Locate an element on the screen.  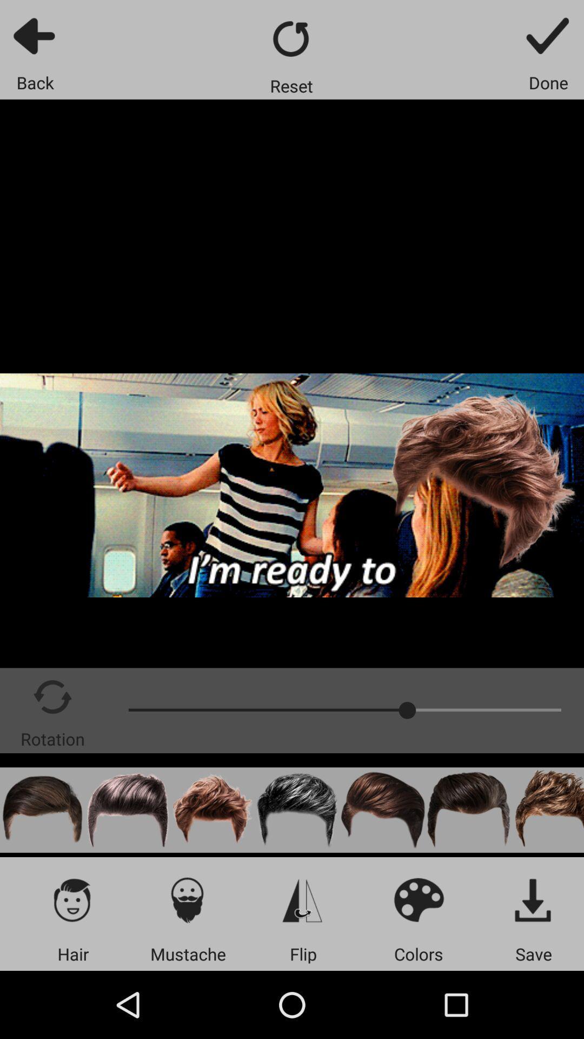
mustache options is located at coordinates (187, 899).